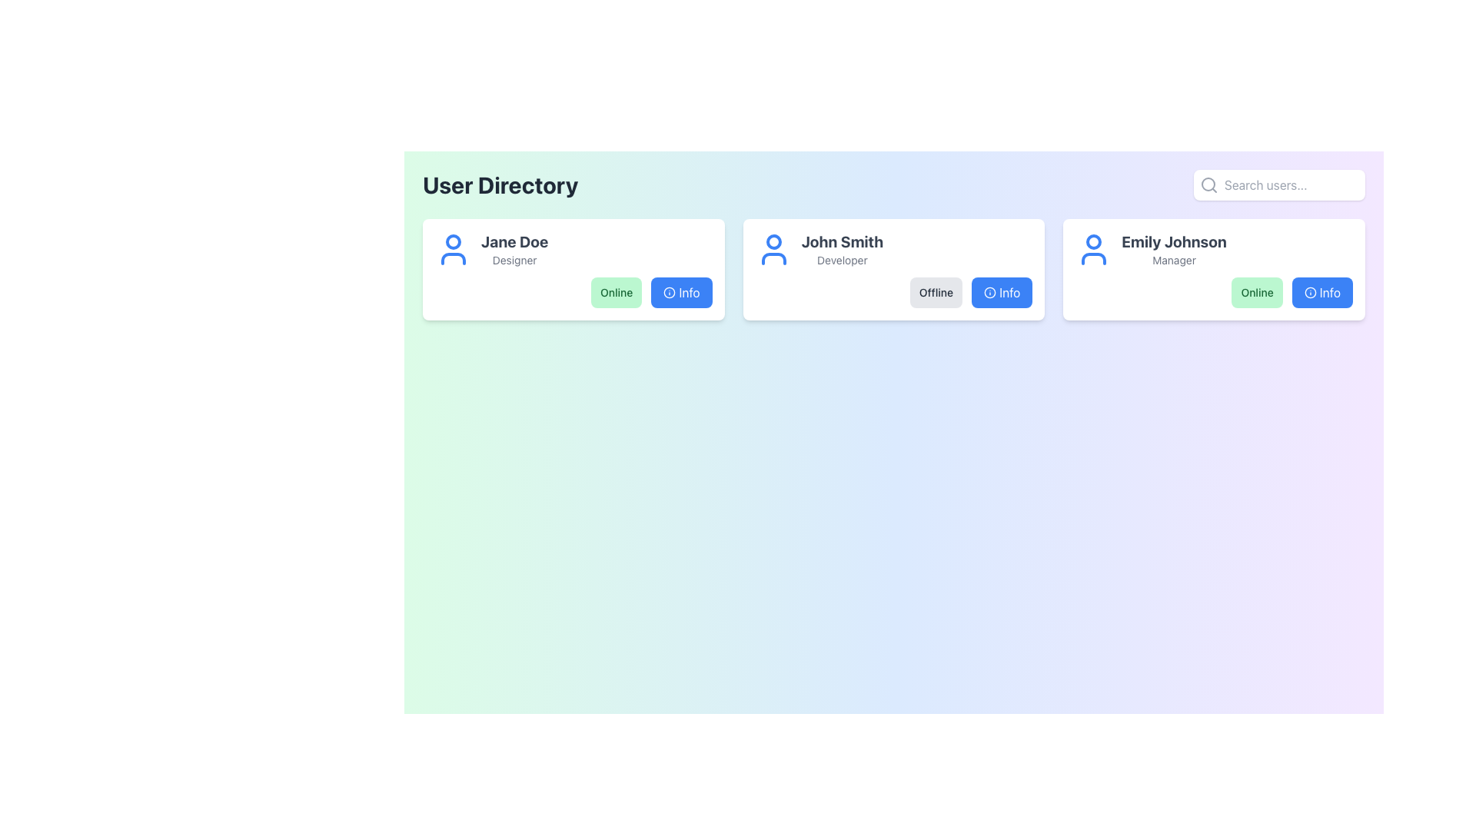 This screenshot has height=830, width=1476. I want to click on the button with embedded icon located to the right of the green 'Online' status indicator, so click(1321, 293).